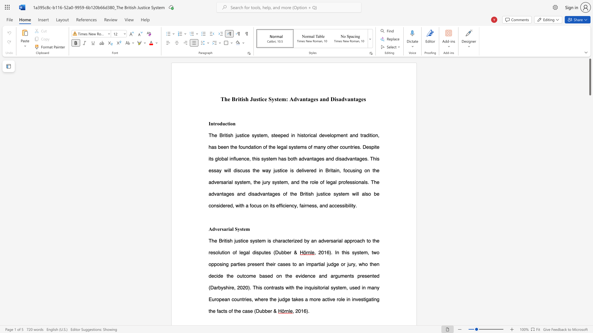 This screenshot has width=593, height=333. What do you see at coordinates (225, 229) in the screenshot?
I see `the 1th character "a" in the text` at bounding box center [225, 229].